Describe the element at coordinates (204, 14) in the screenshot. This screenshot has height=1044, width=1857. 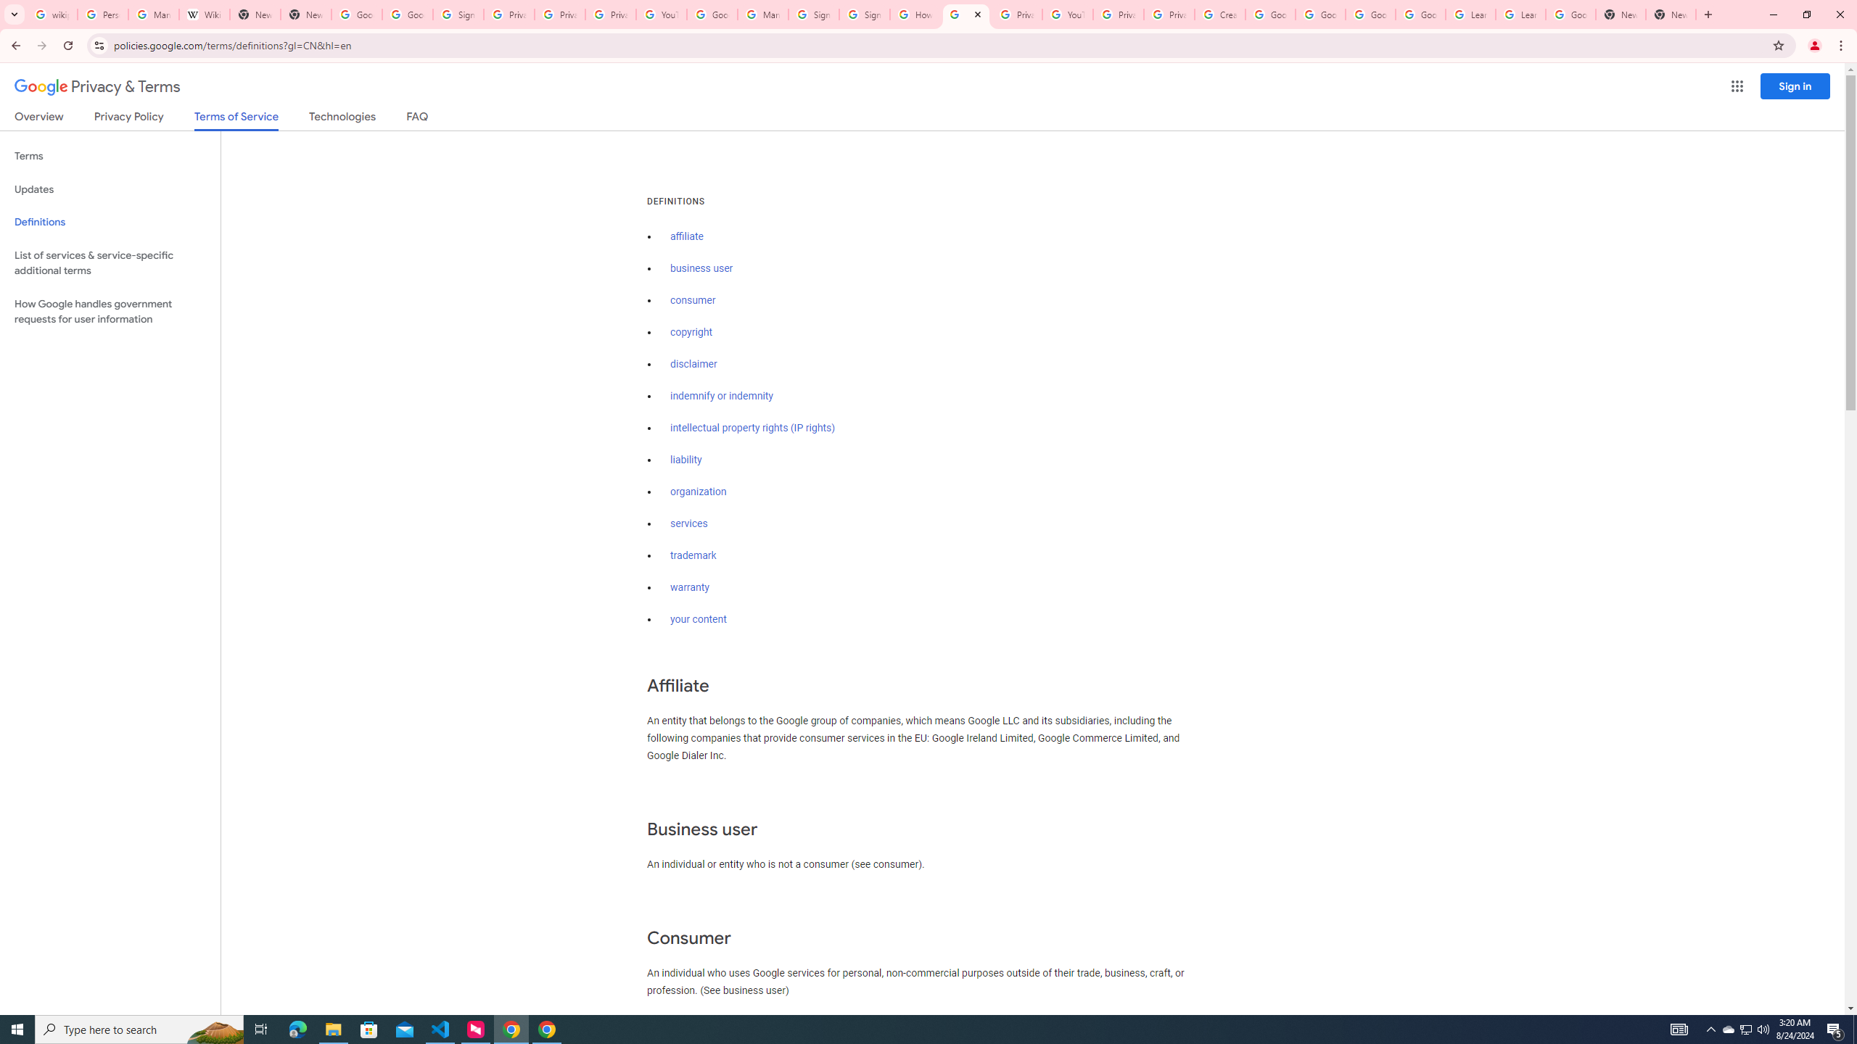
I see `'Wikipedia:Edit requests - Wikipedia'` at that location.